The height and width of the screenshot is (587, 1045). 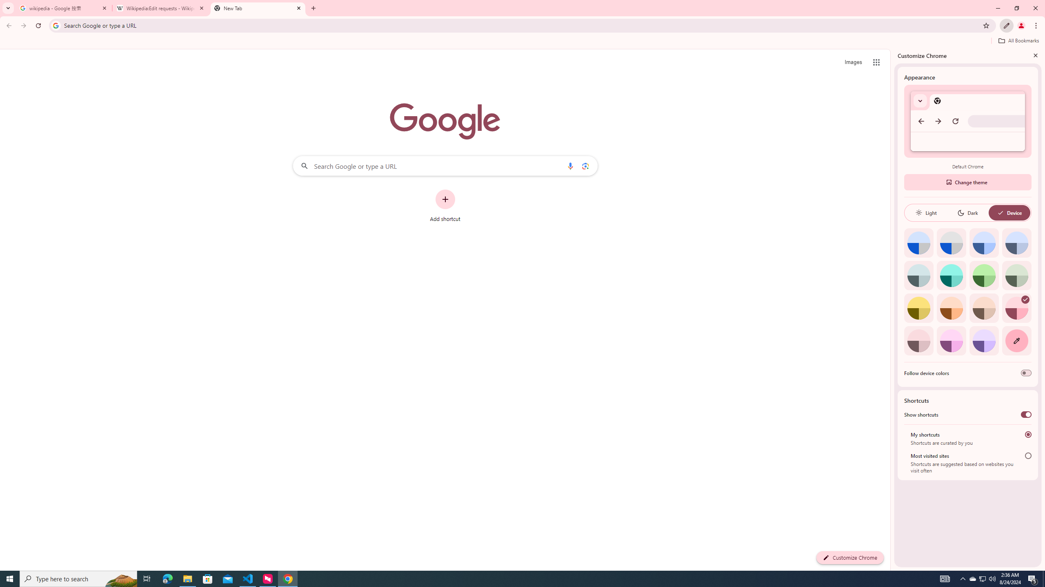 What do you see at coordinates (1025, 414) in the screenshot?
I see `'Show shortcuts'` at bounding box center [1025, 414].